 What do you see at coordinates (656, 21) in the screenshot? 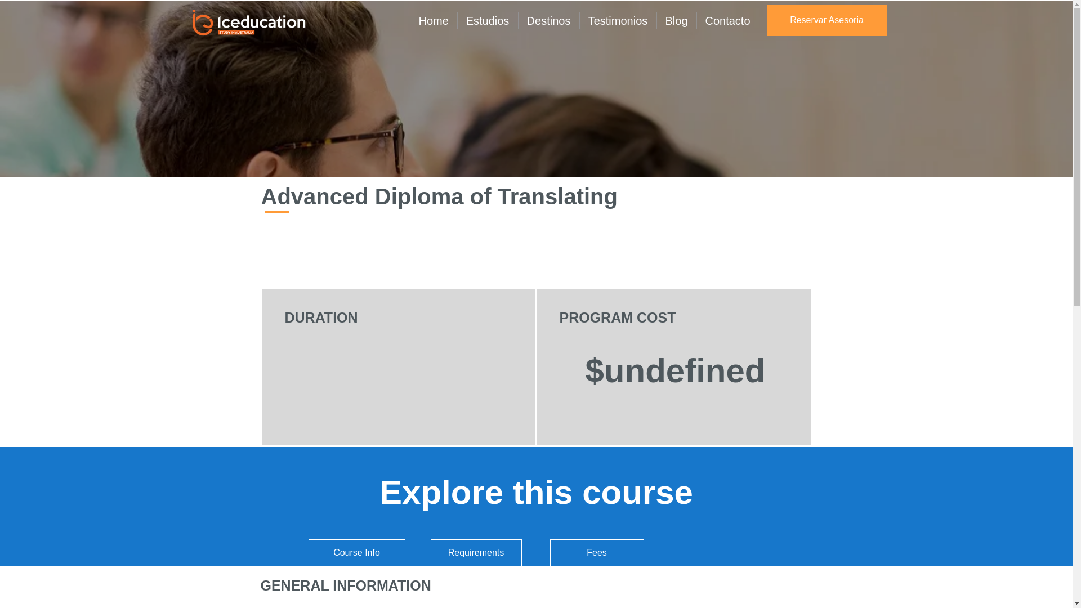
I see `'Blog'` at bounding box center [656, 21].